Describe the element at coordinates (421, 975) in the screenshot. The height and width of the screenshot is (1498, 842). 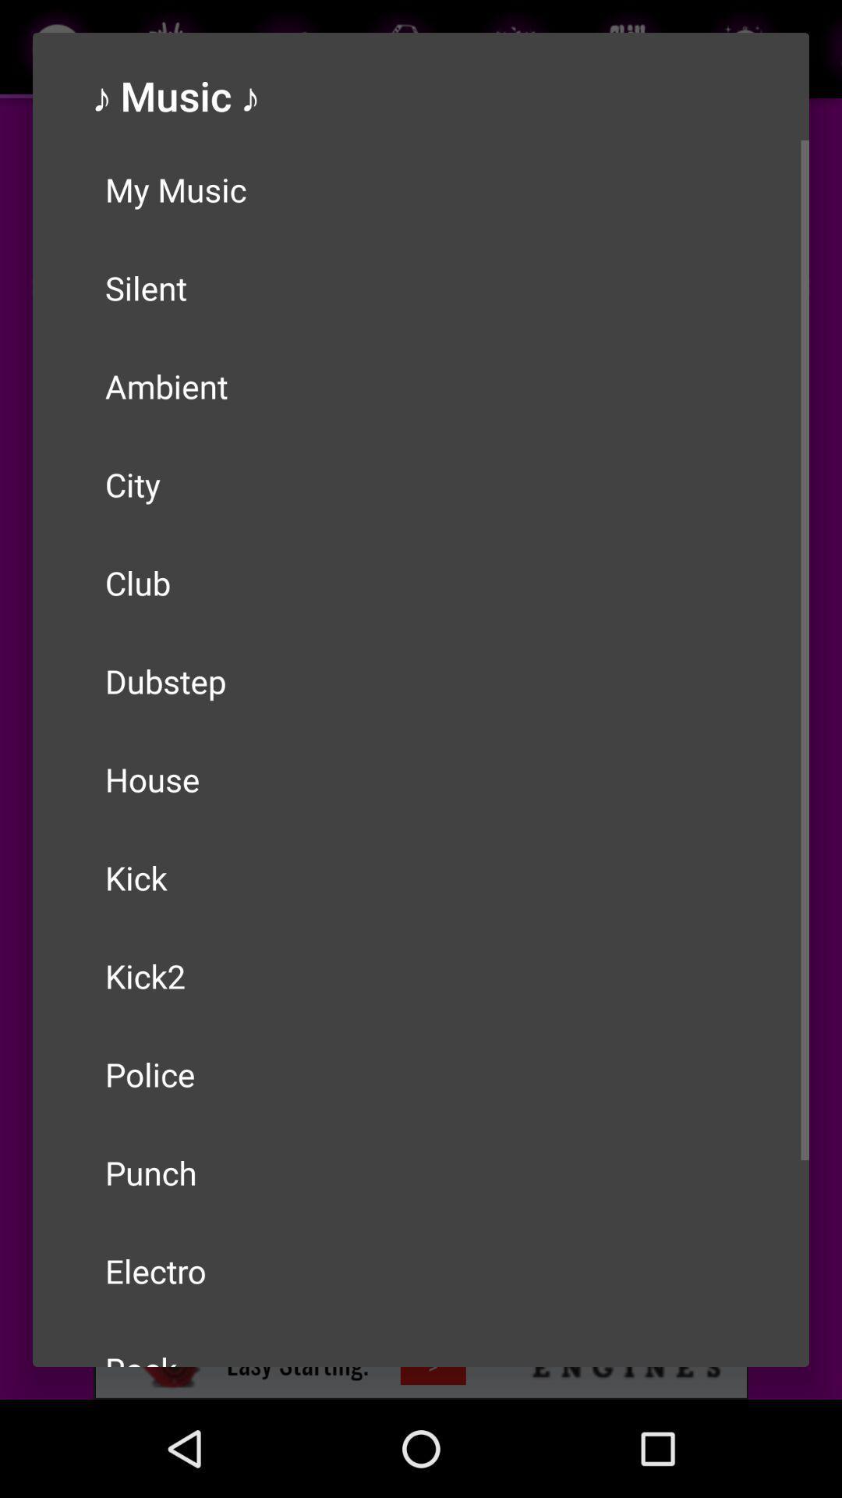
I see `icon above 		police icon` at that location.